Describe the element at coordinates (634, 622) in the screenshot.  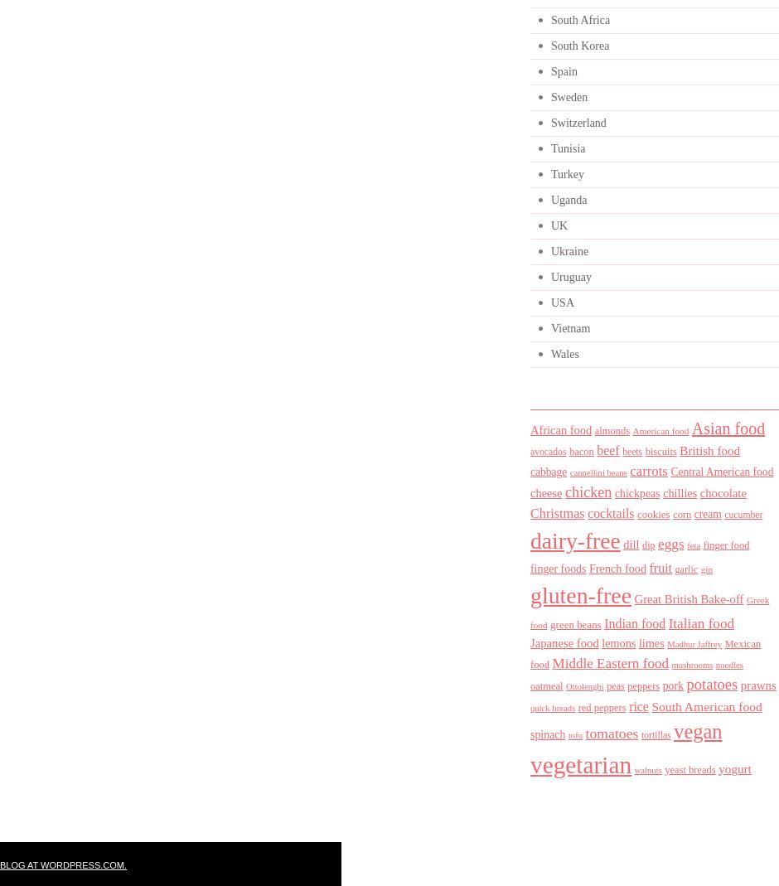
I see `'Indian food'` at that location.